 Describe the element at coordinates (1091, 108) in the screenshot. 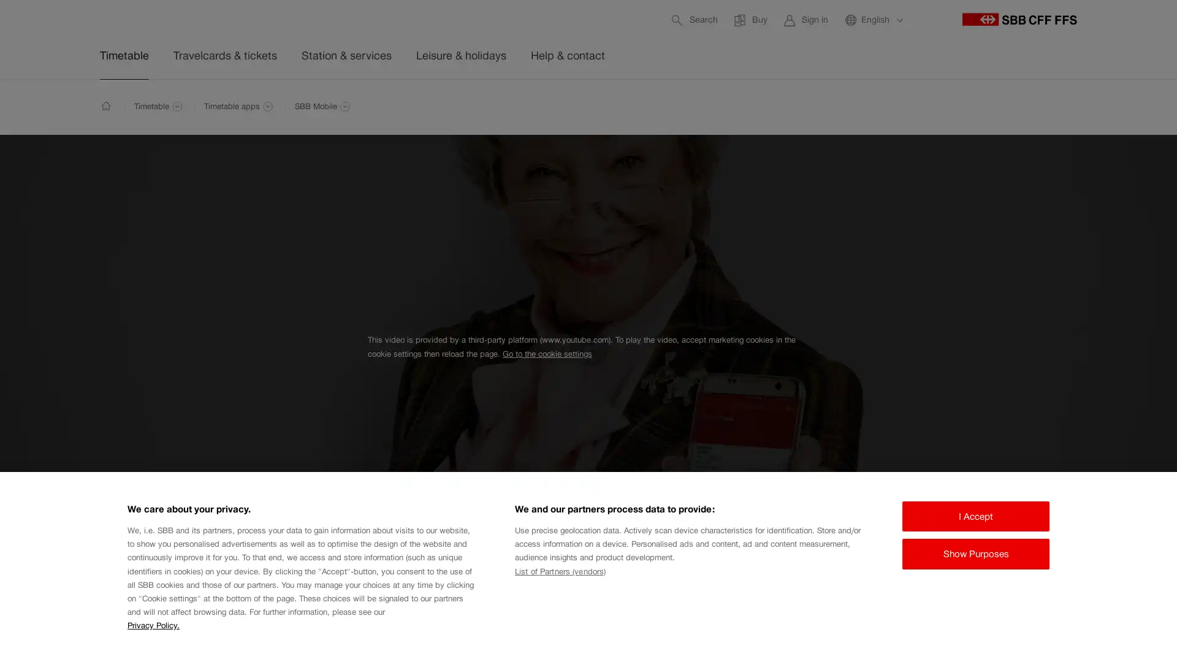

I see `Close active menu item Timetable.` at that location.